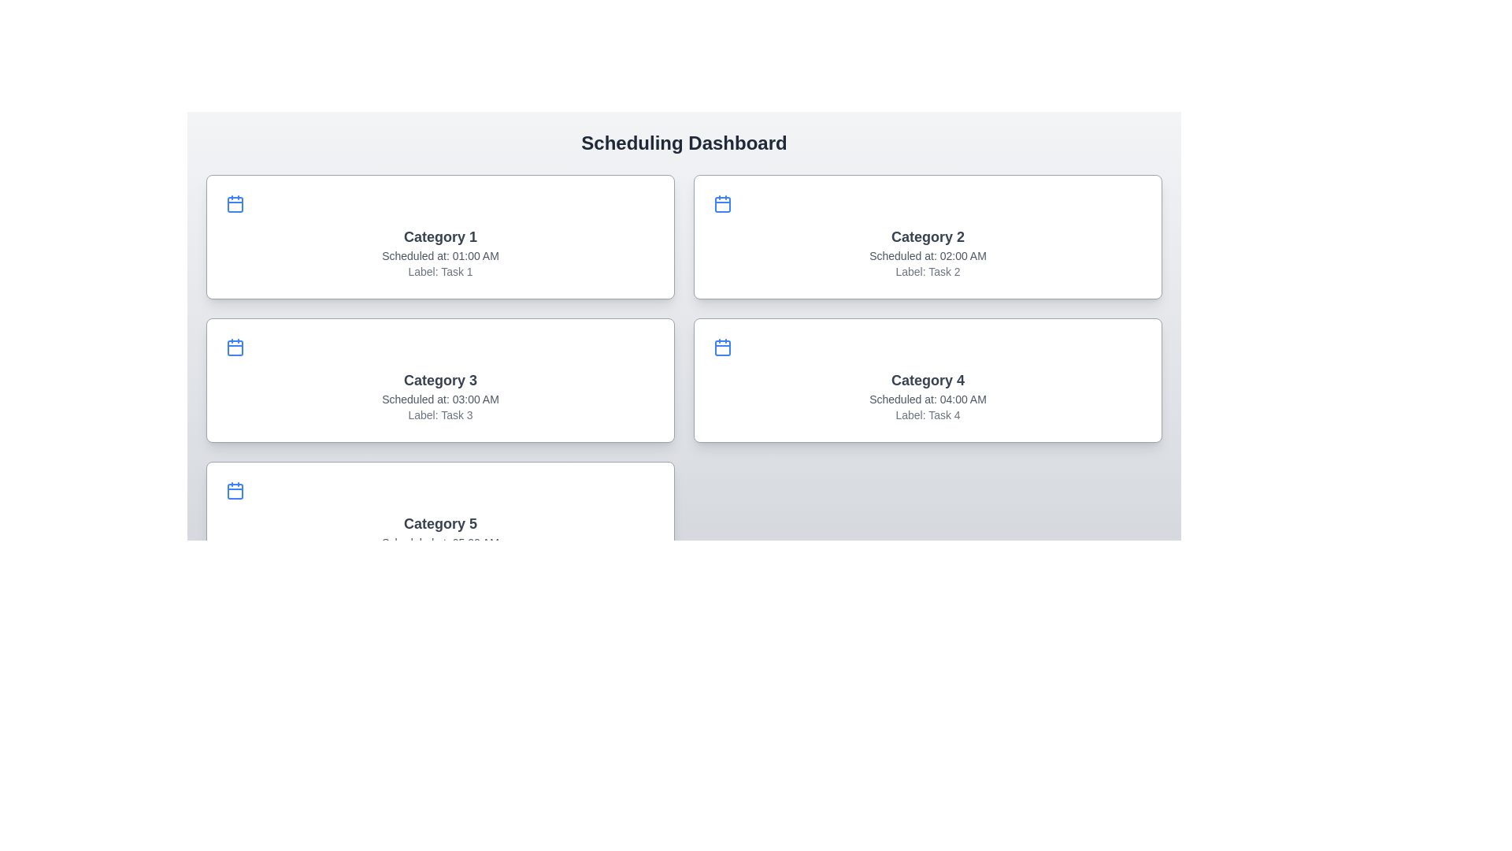 Image resolution: width=1512 pixels, height=851 pixels. What do you see at coordinates (234, 347) in the screenshot?
I see `the graphical element within the calendar icon in the 'Category 3' card` at bounding box center [234, 347].